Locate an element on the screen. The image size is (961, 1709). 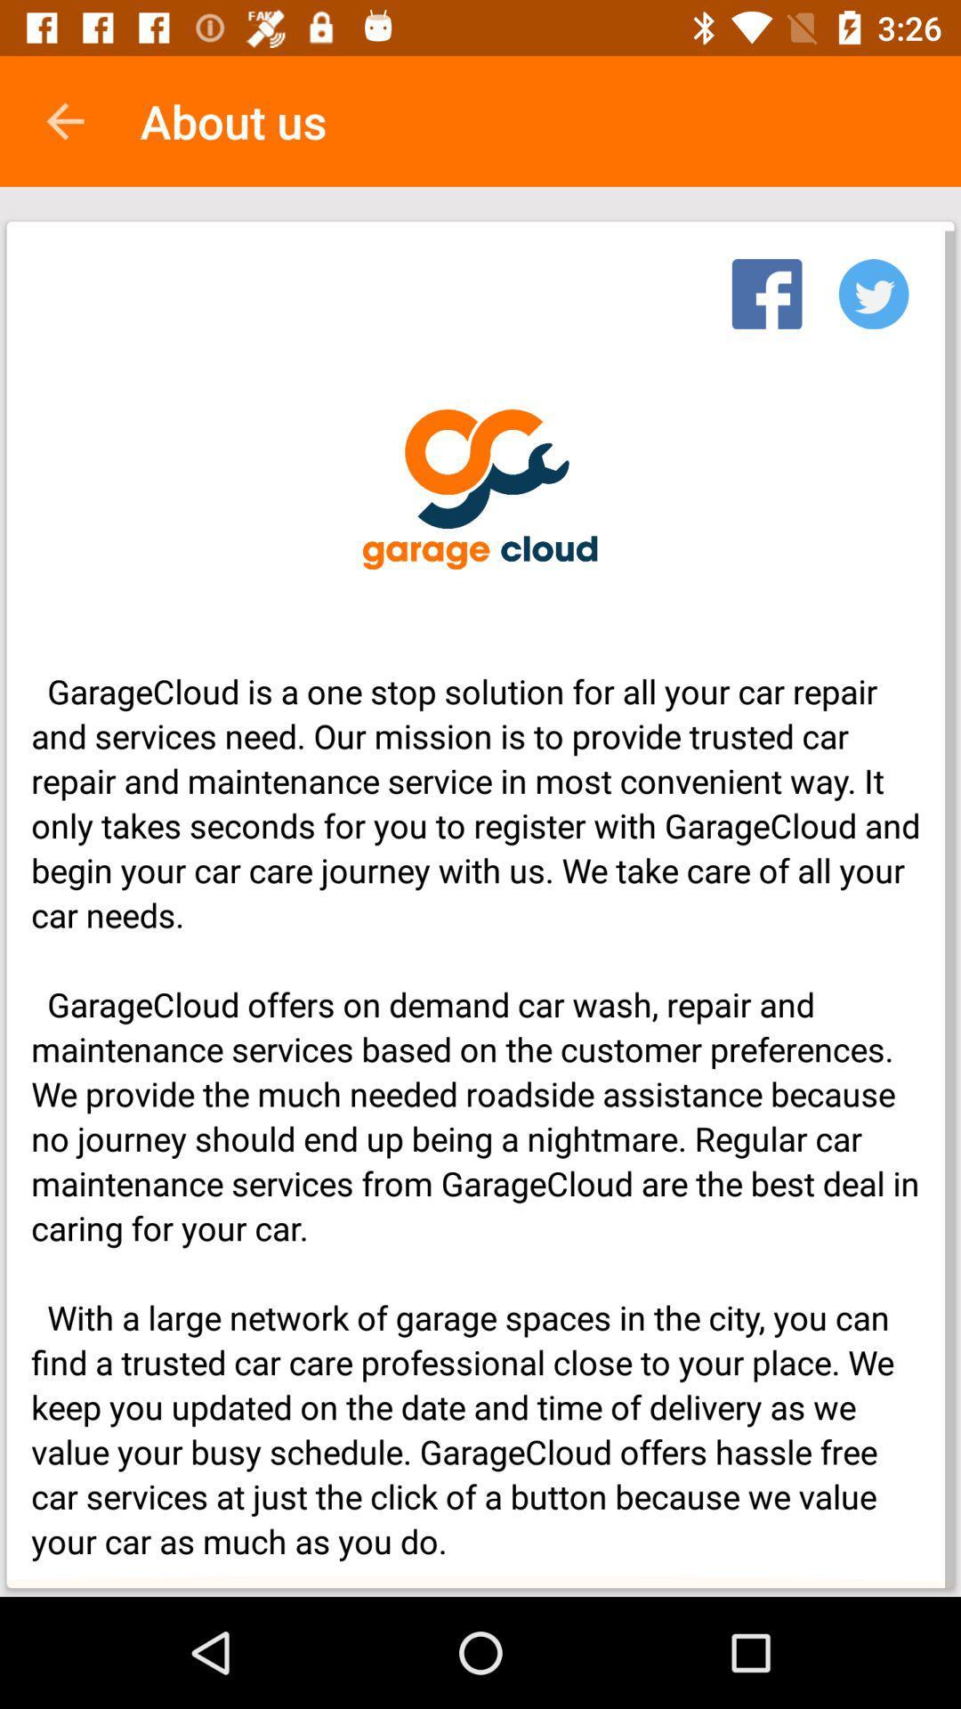
icon above the garagecloud is a item is located at coordinates (766, 288).